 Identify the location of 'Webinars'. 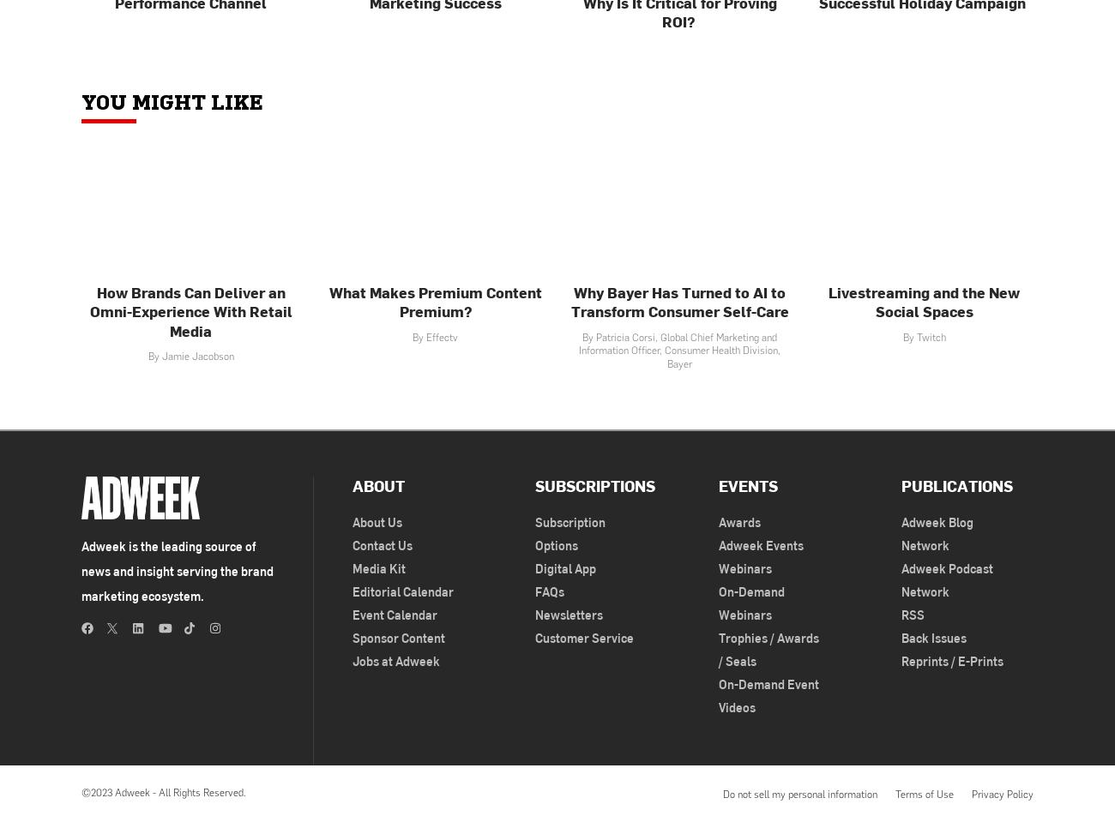
(744, 567).